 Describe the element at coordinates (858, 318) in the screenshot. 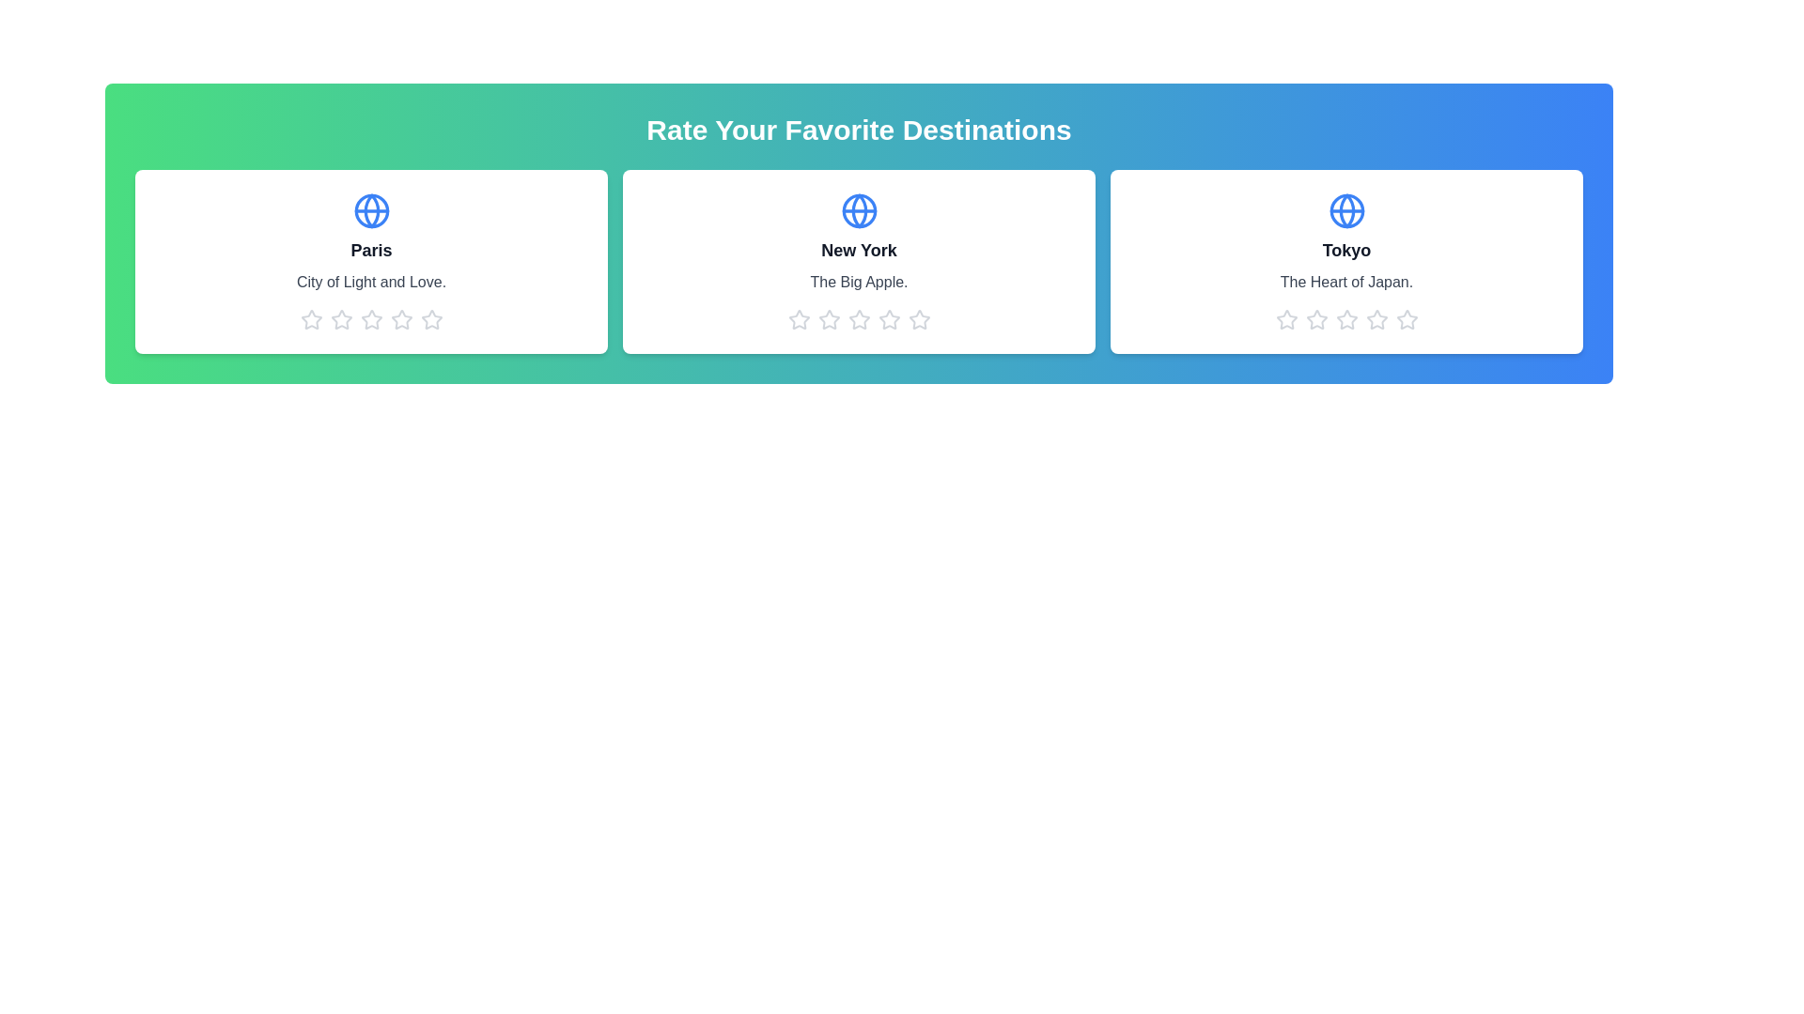

I see `the 3 star icon for the destination New York` at that location.